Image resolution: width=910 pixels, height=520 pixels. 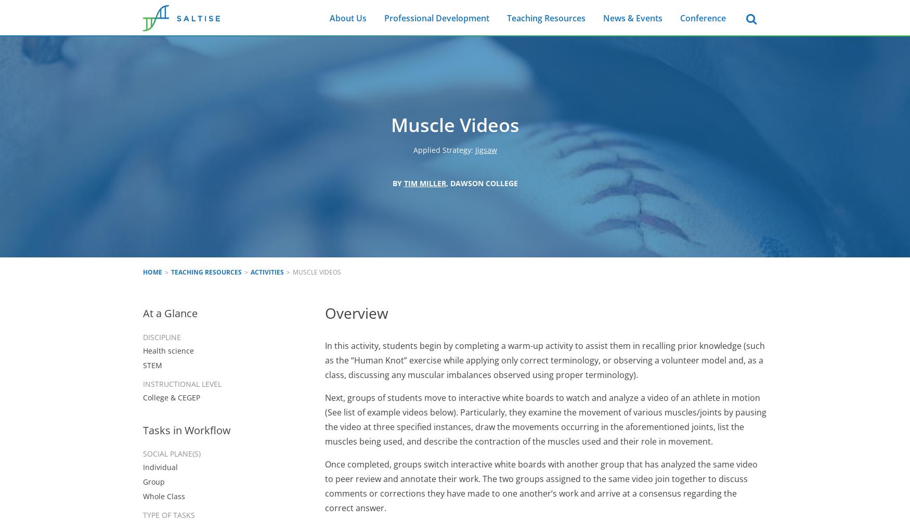 What do you see at coordinates (444, 150) in the screenshot?
I see `'Applied Strategy:'` at bounding box center [444, 150].